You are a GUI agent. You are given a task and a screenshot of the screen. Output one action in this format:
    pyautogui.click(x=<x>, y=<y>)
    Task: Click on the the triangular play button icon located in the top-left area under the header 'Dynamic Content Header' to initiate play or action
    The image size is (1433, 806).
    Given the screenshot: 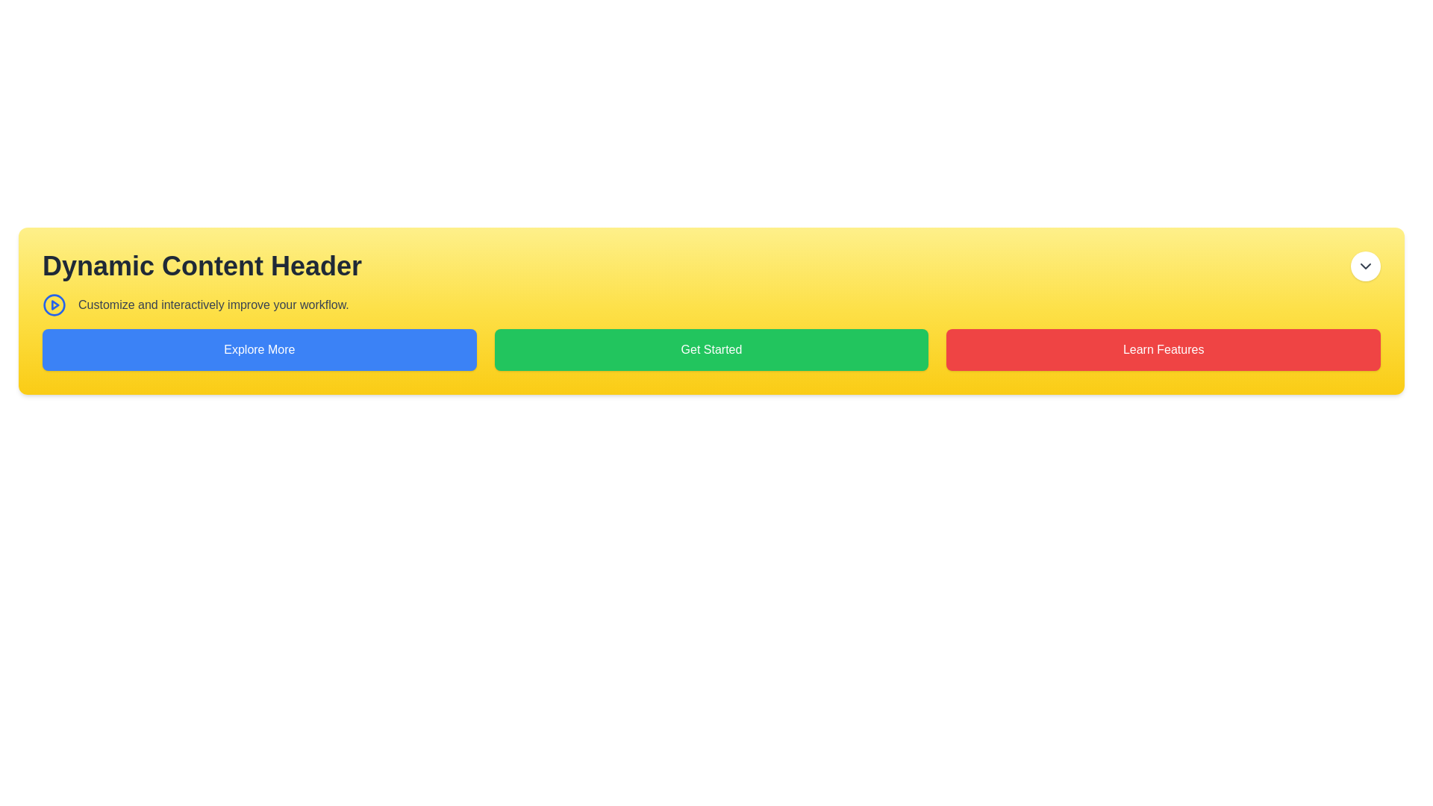 What is the action you would take?
    pyautogui.click(x=55, y=304)
    